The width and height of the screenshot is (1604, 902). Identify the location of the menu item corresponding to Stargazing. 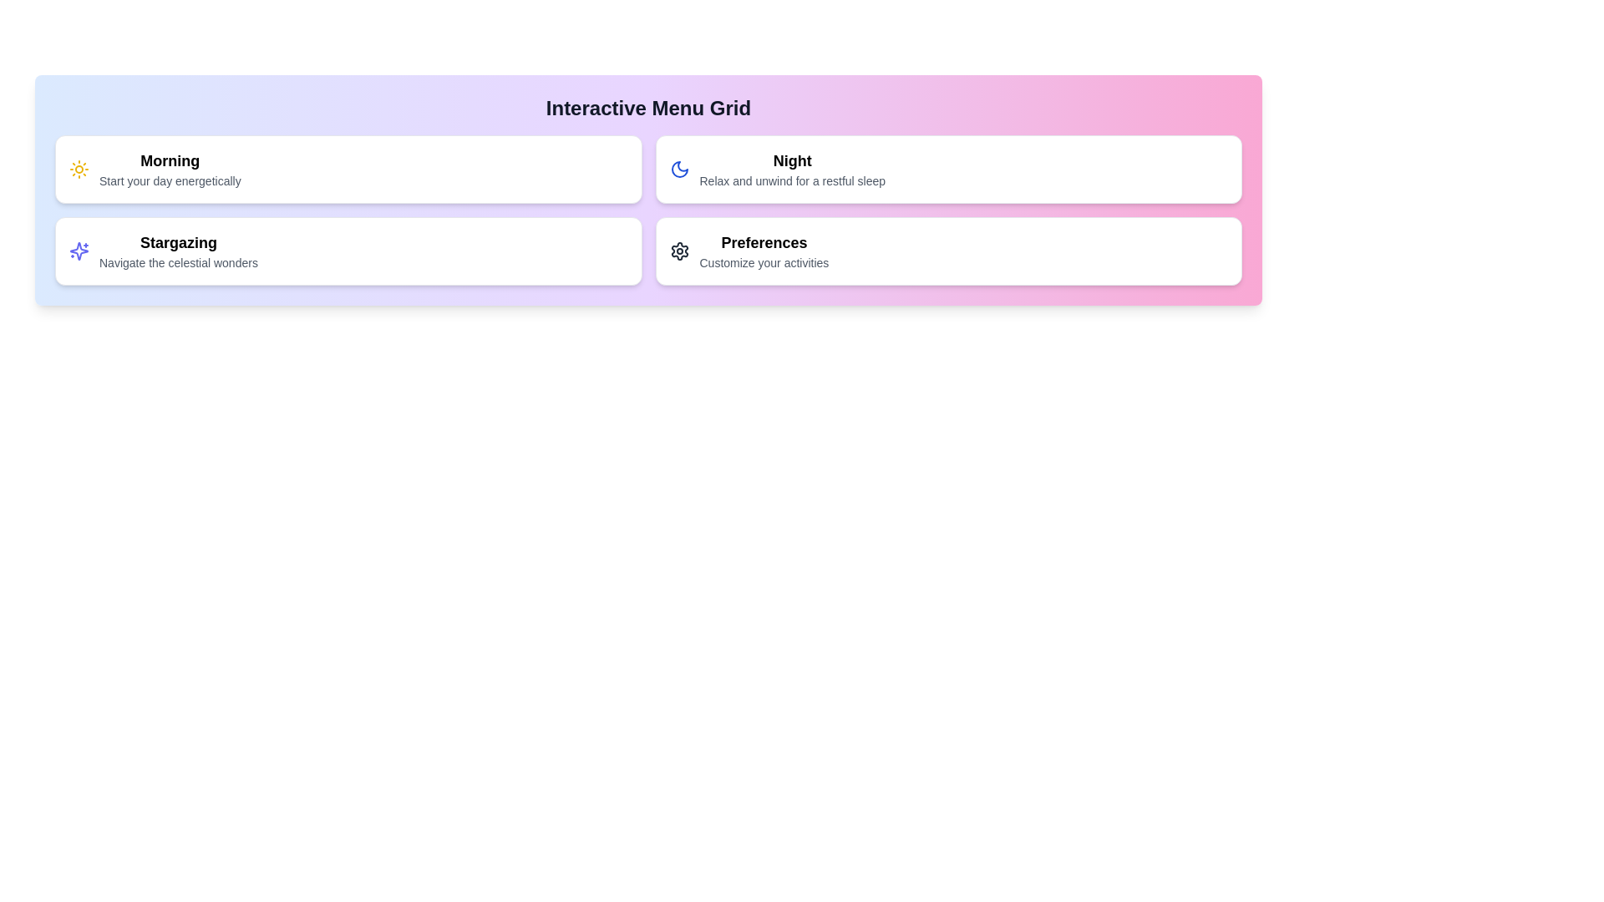
(348, 251).